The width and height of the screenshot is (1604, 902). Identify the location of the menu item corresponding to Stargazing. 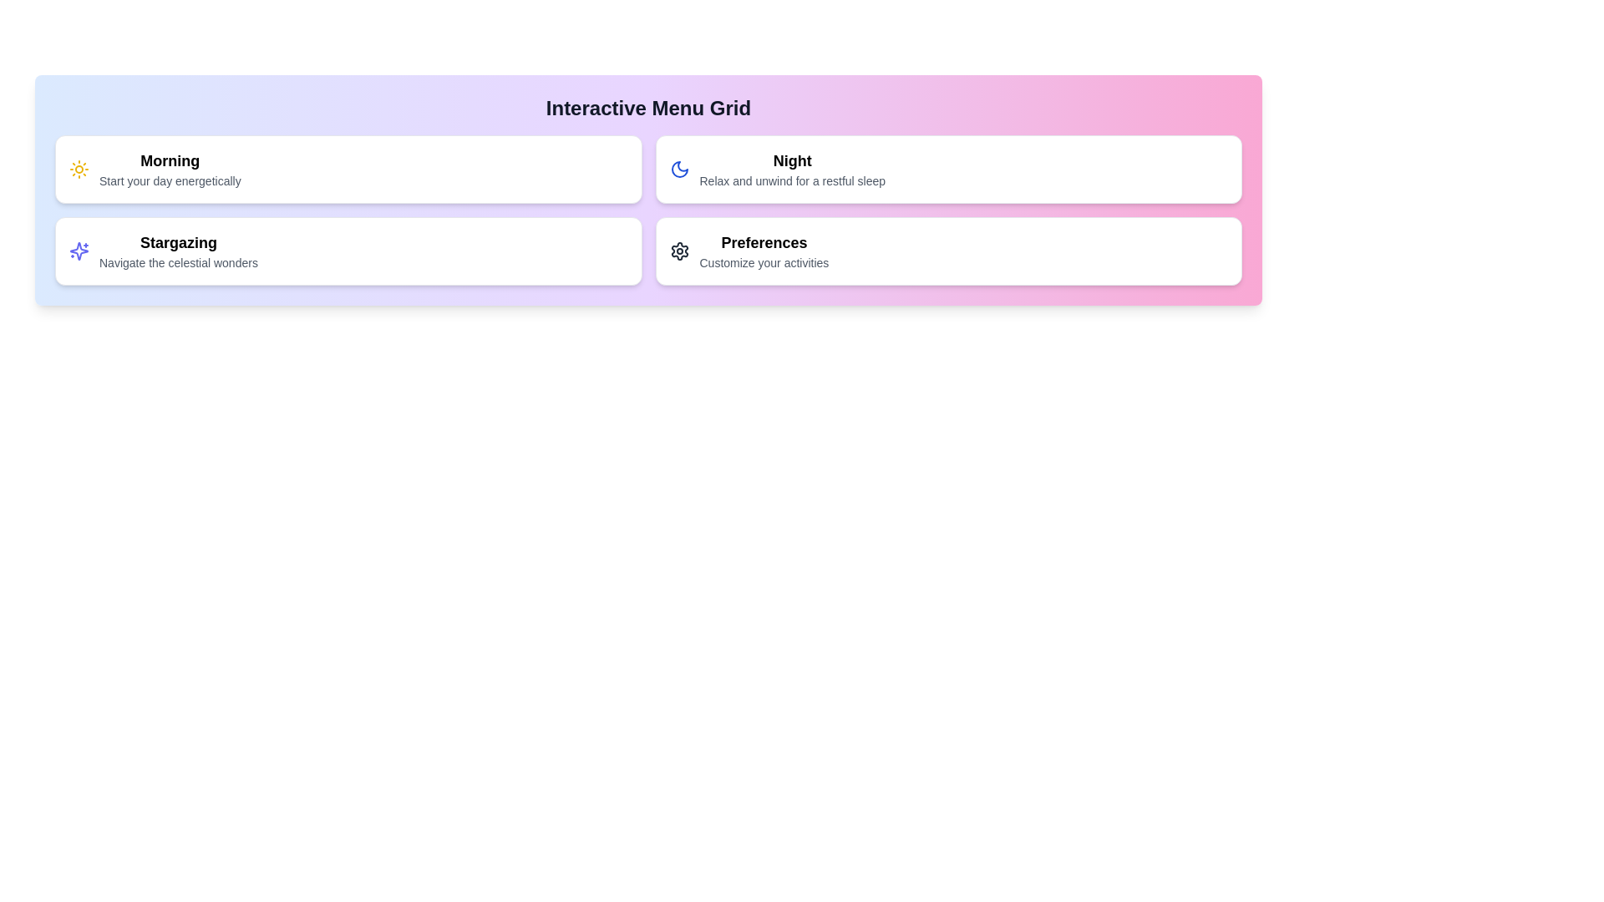
(348, 251).